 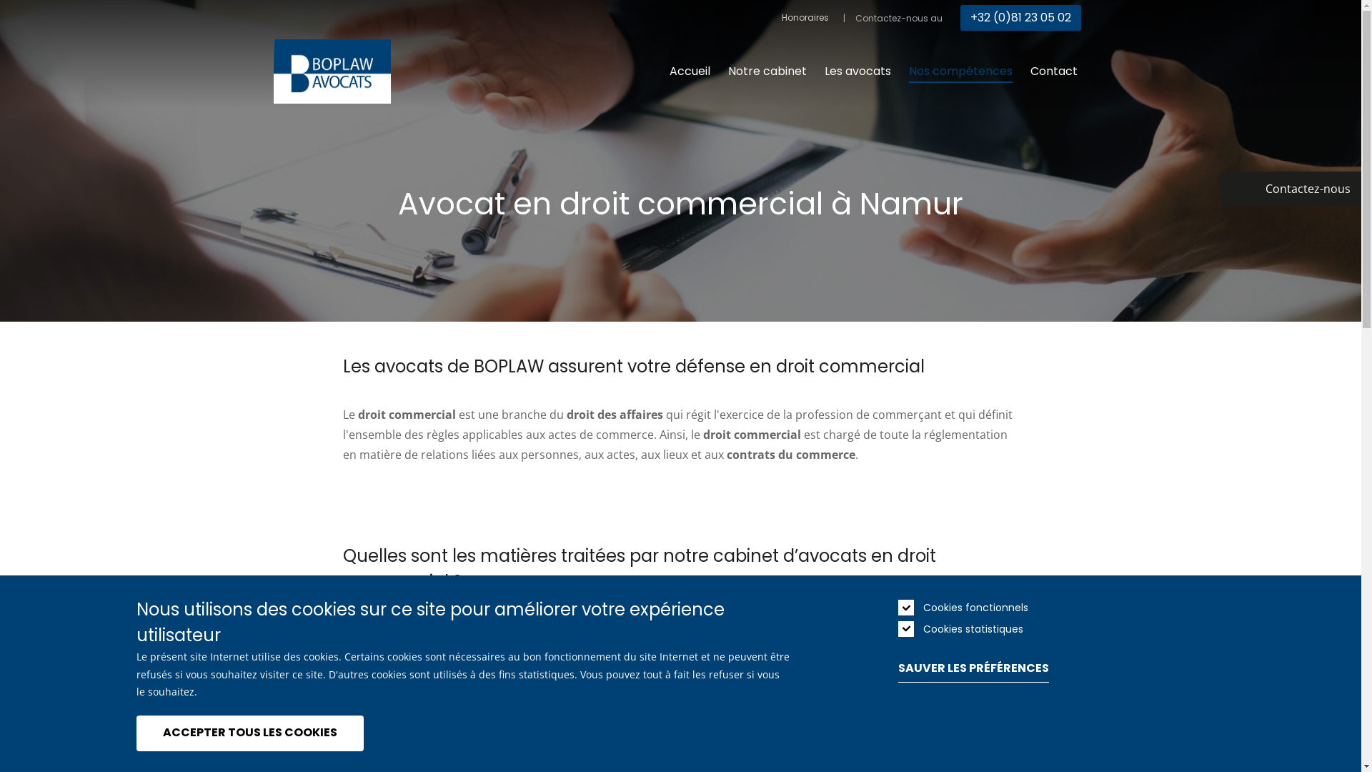 I want to click on 'Contact', so click(x=1053, y=71).